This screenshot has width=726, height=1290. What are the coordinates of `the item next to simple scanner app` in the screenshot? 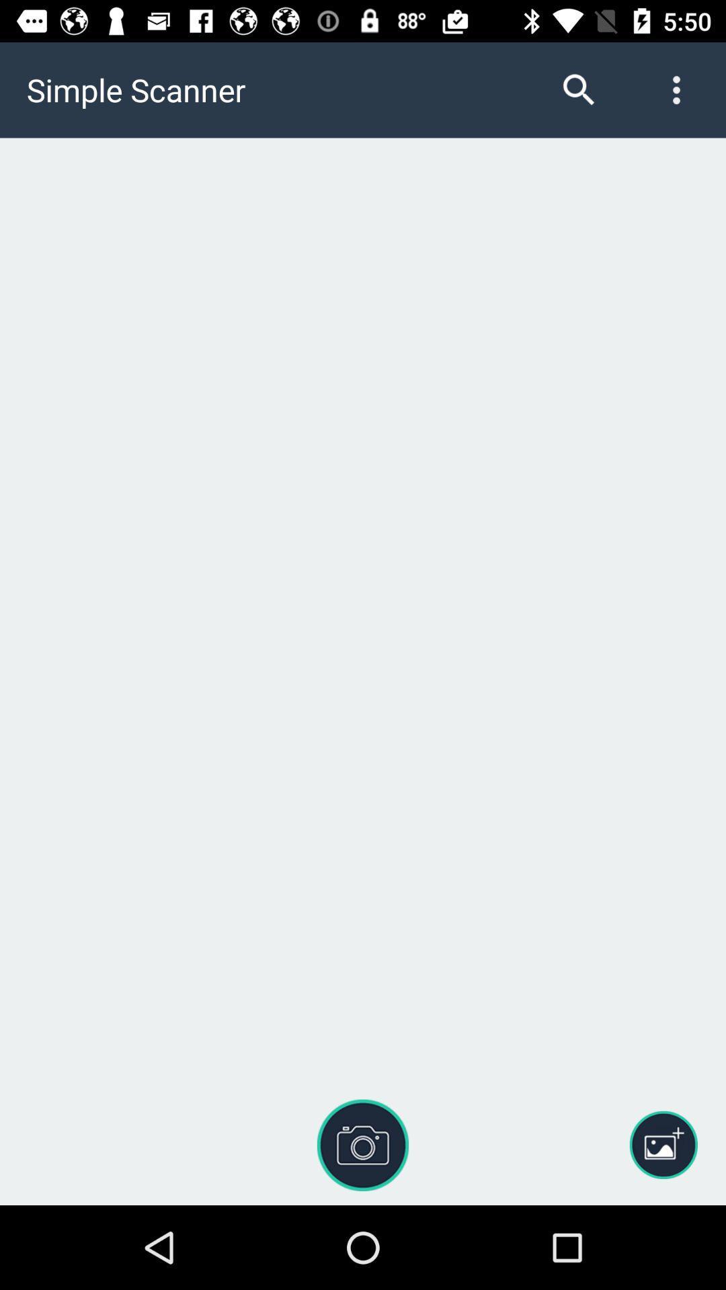 It's located at (578, 89).